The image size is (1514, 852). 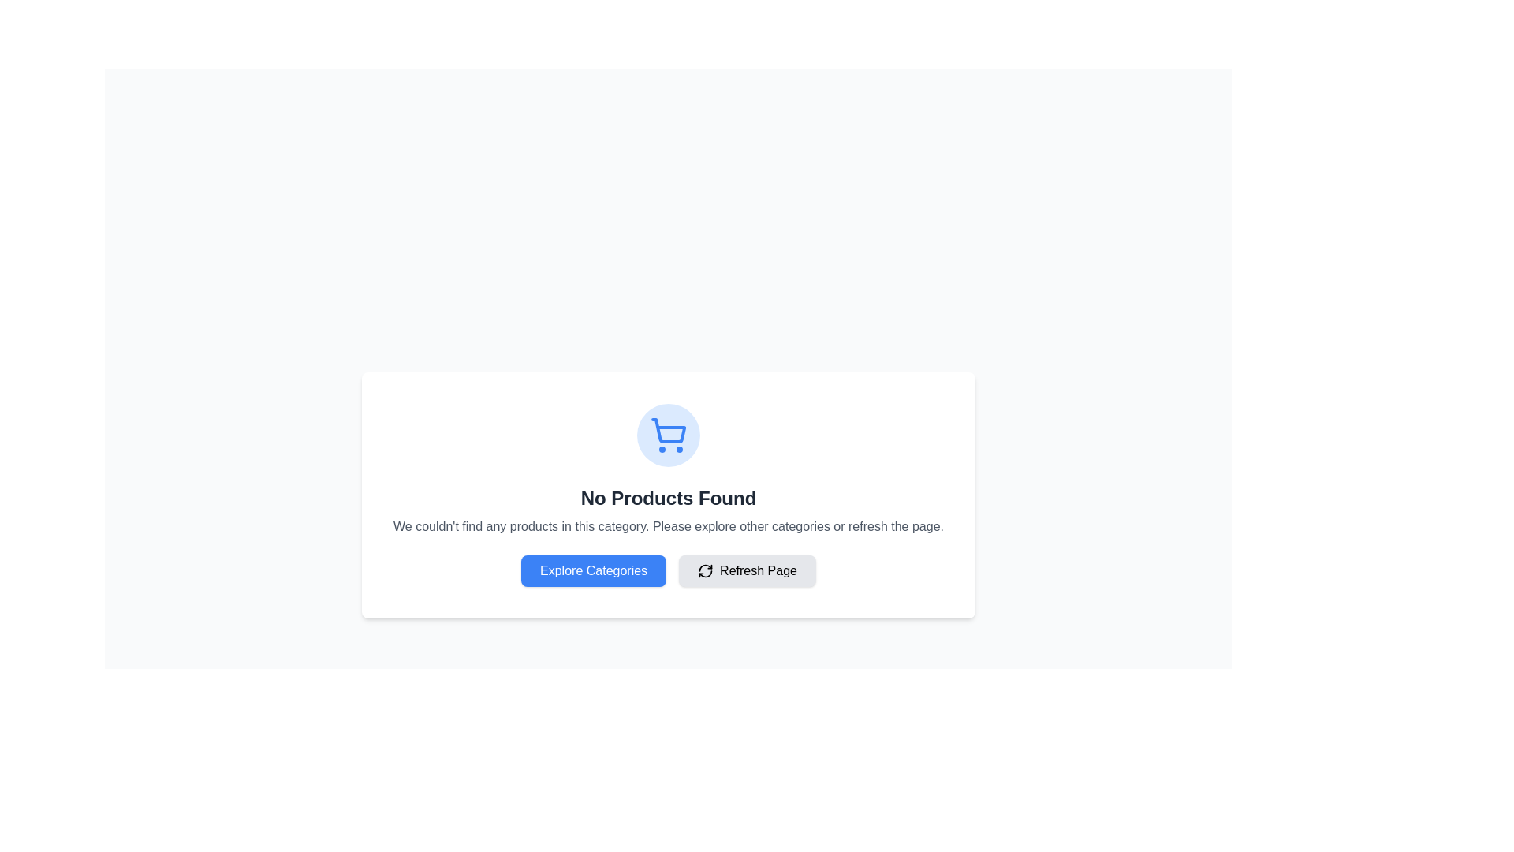 What do you see at coordinates (669, 435) in the screenshot?
I see `the Icon Button that indicates an empty shopping cart, positioned centrally above the 'No Products Found' text` at bounding box center [669, 435].